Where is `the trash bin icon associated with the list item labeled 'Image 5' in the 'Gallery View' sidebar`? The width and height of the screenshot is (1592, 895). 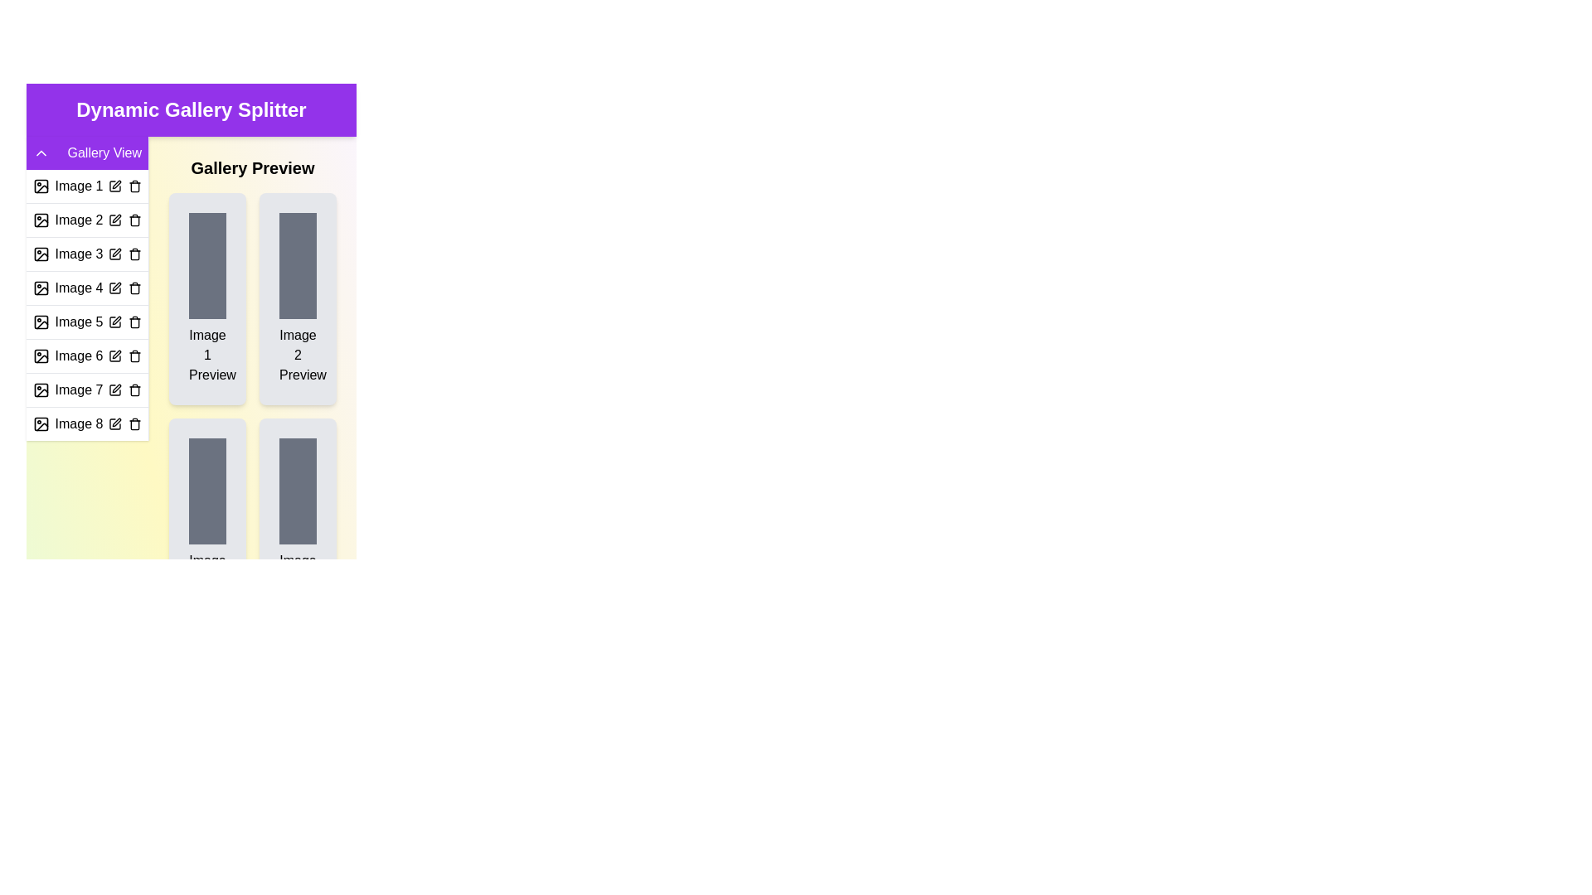 the trash bin icon associated with the list item labeled 'Image 5' in the 'Gallery View' sidebar is located at coordinates (86, 322).